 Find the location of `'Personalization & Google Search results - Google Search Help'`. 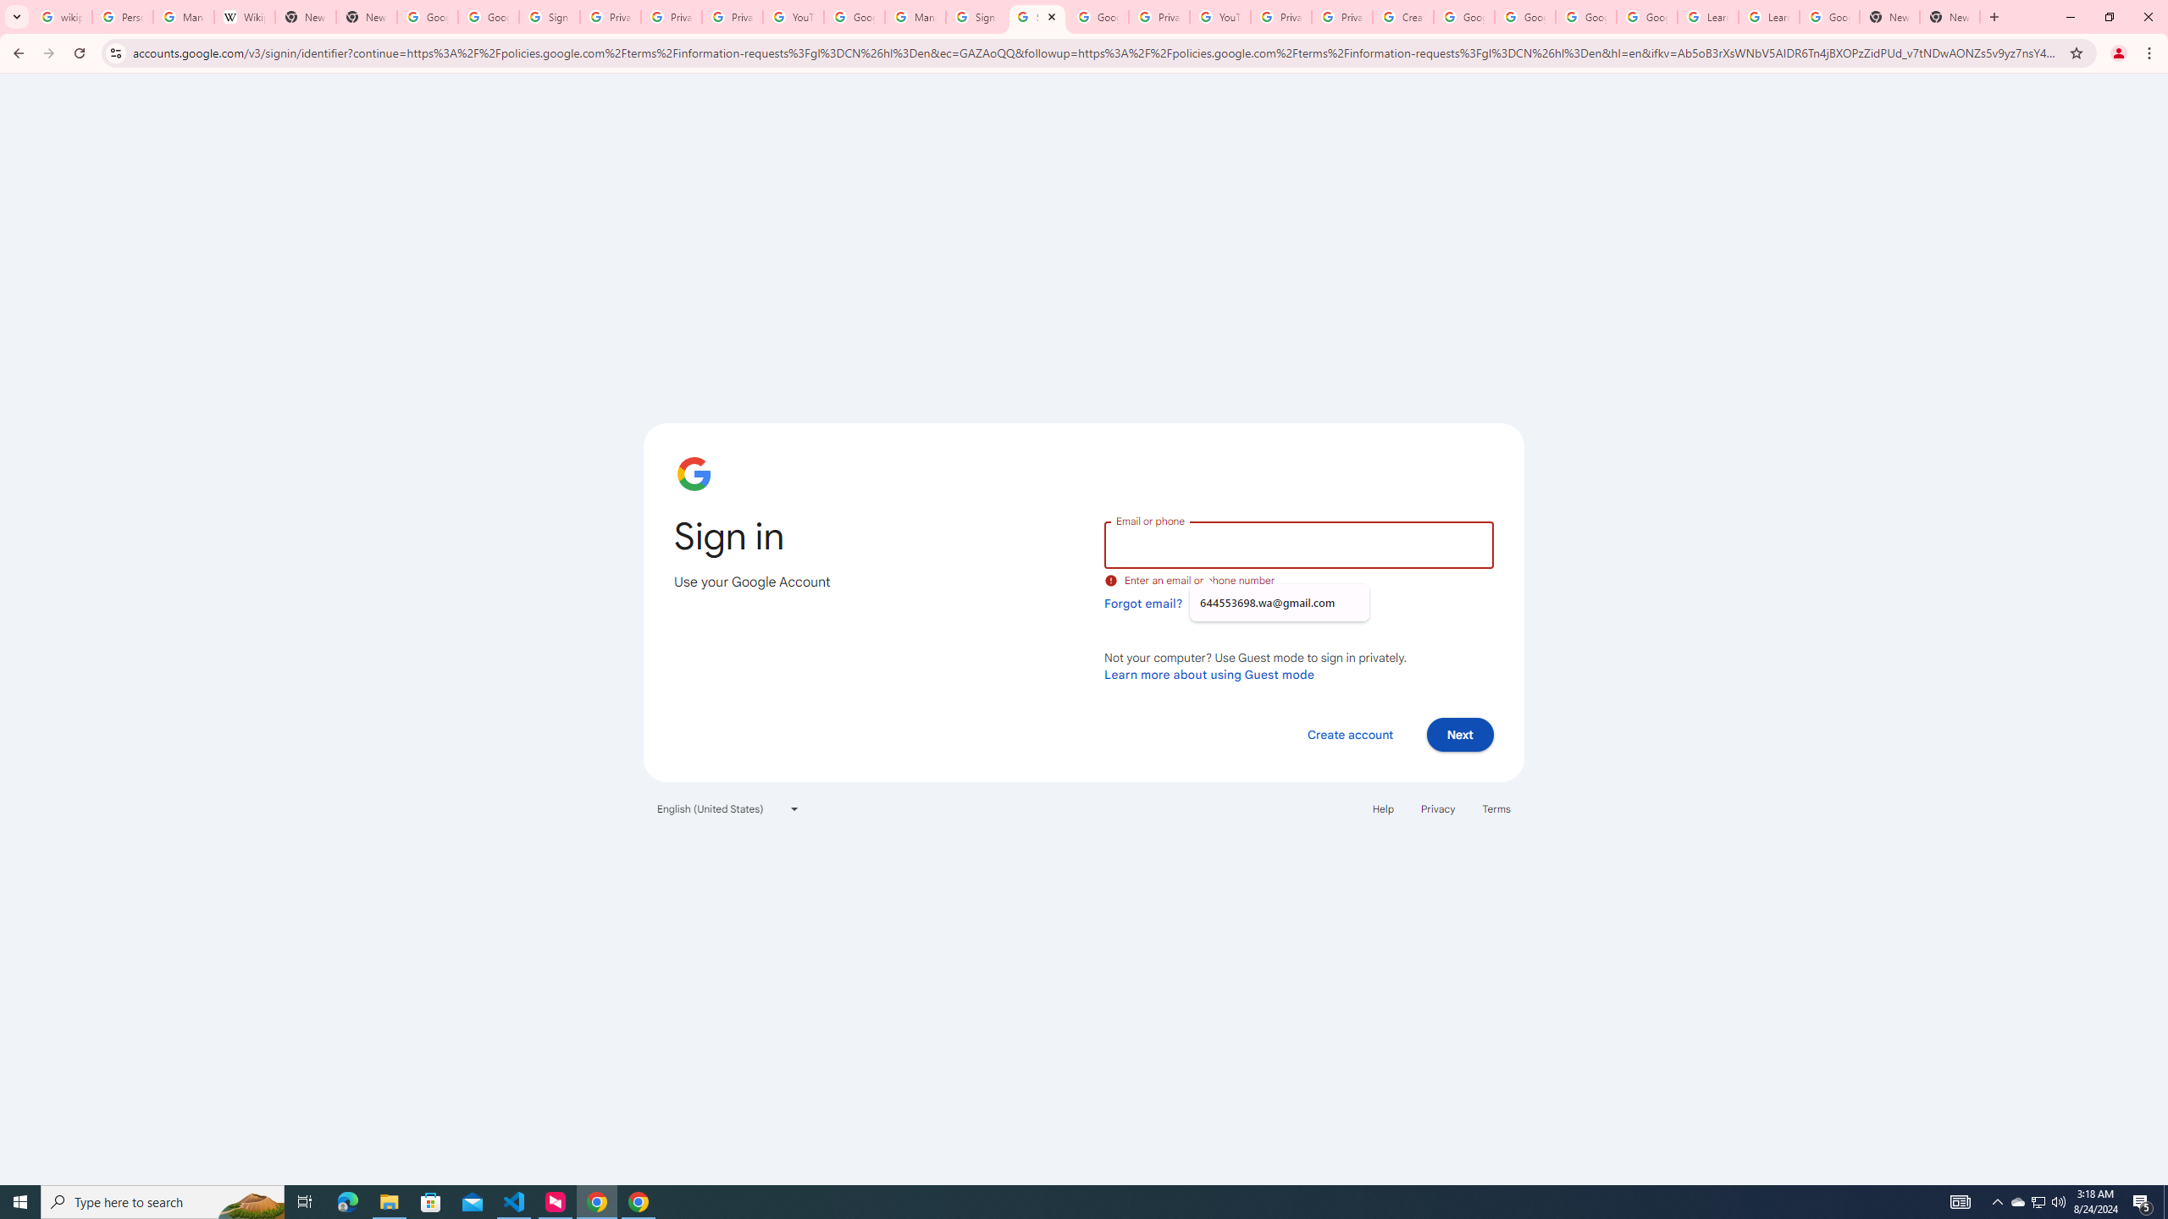

'Personalization & Google Search results - Google Search Help' is located at coordinates (121, 16).